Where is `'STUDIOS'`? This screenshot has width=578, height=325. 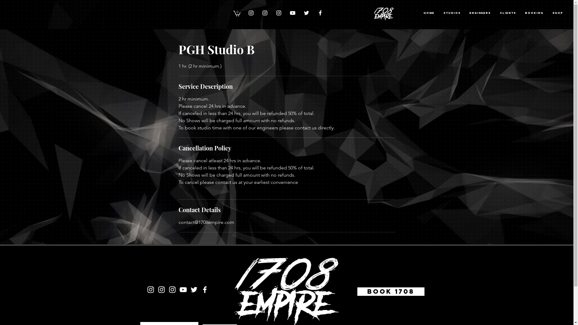 'STUDIOS' is located at coordinates (452, 13).